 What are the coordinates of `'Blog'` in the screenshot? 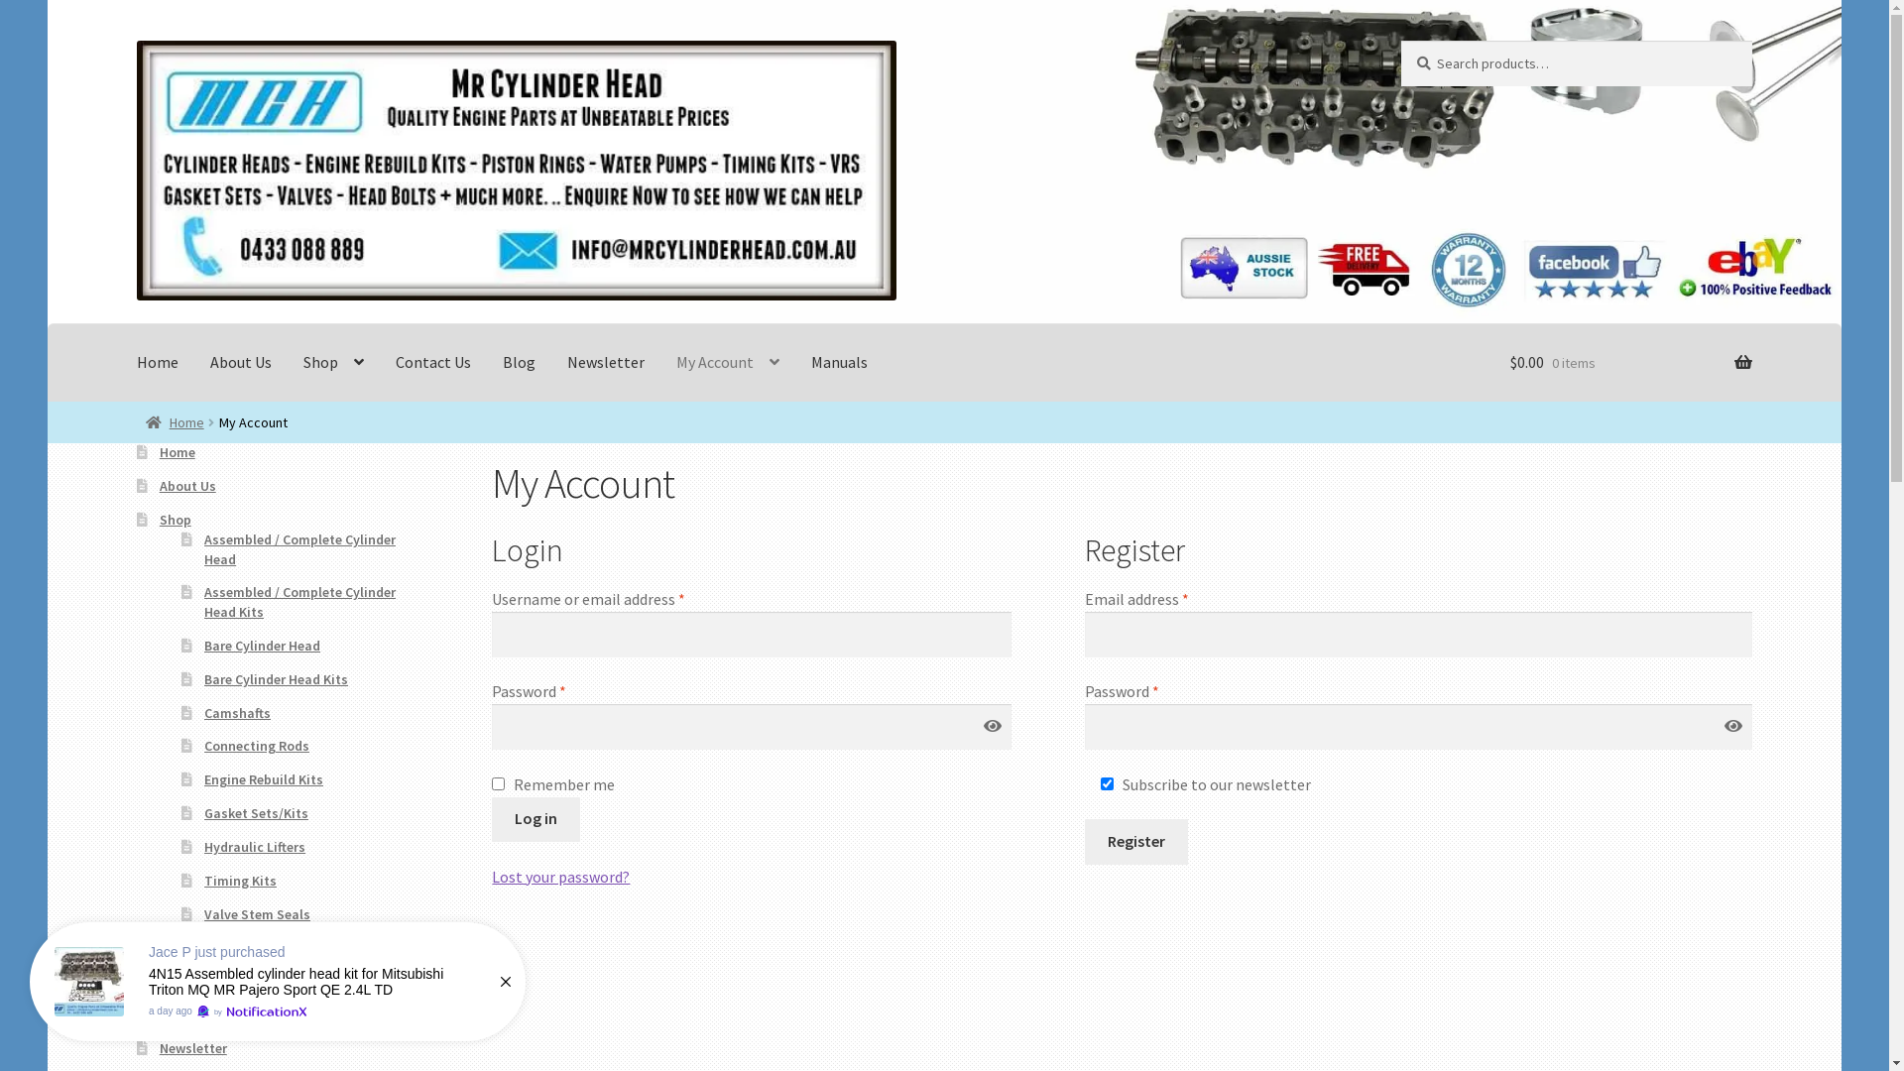 It's located at (486, 362).